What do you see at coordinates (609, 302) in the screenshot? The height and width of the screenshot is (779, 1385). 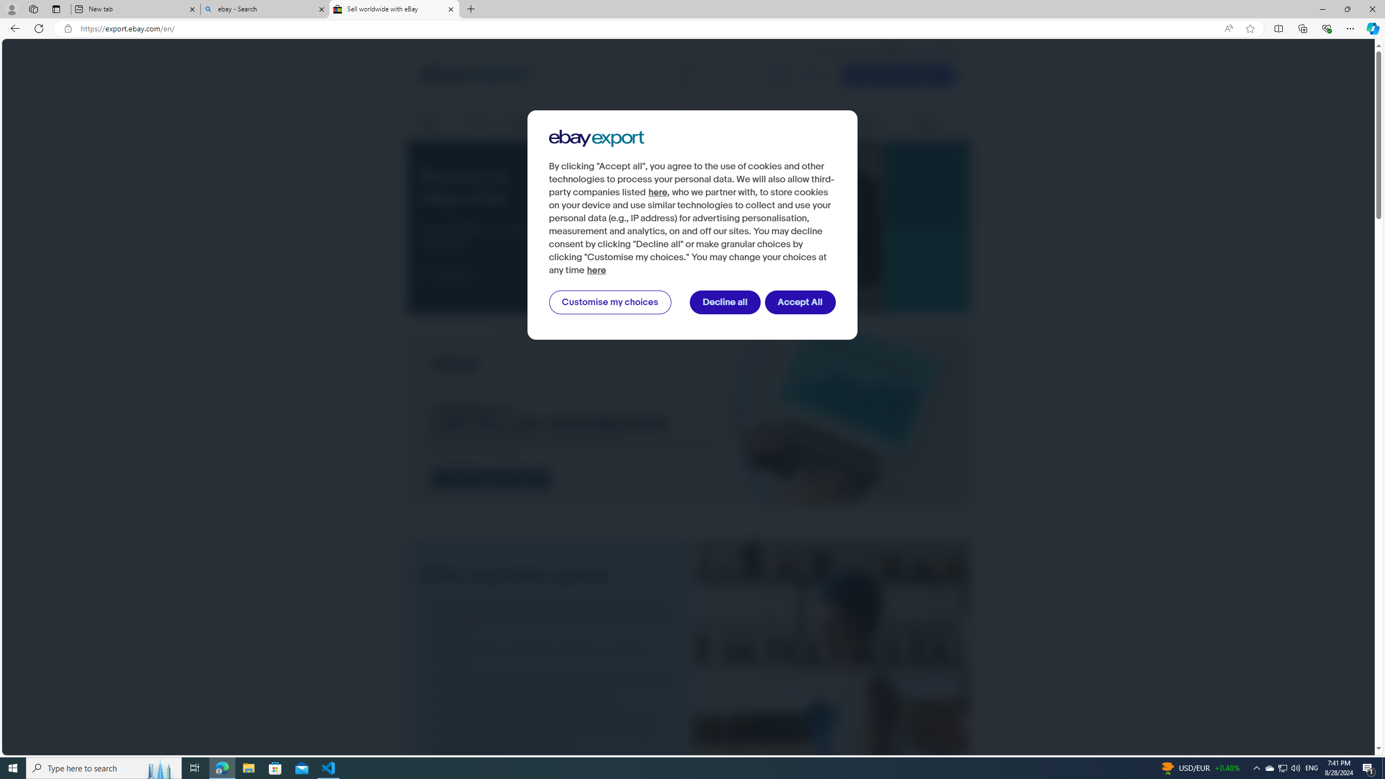 I see `'Customise my choices'` at bounding box center [609, 302].